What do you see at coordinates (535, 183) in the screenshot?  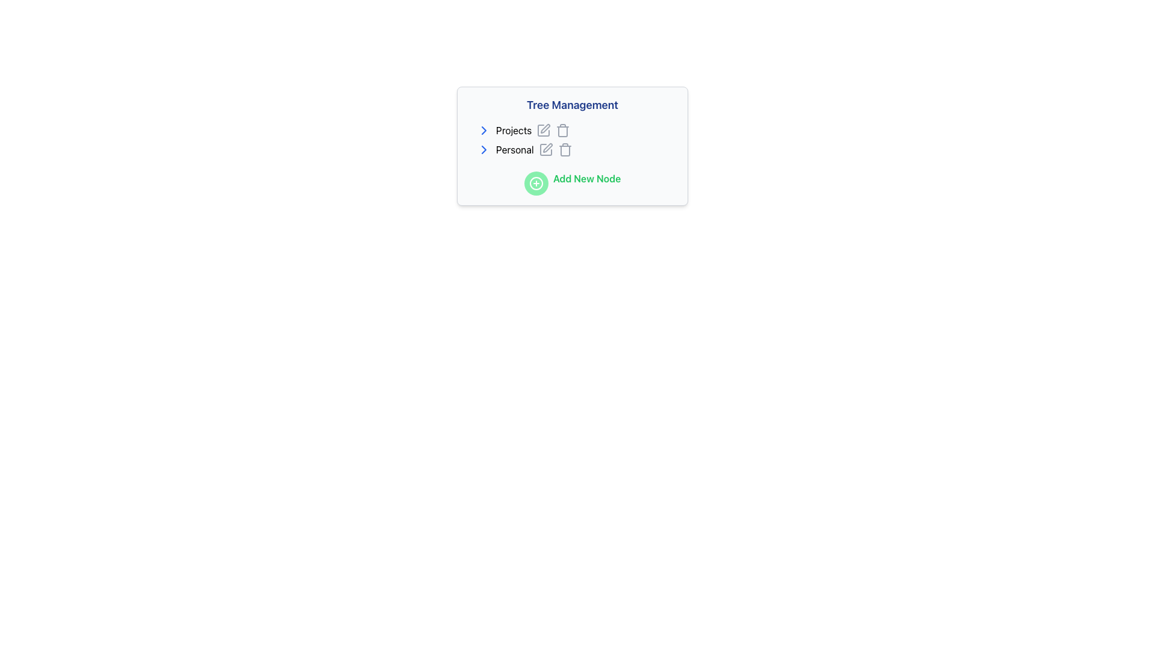 I see `the circular green button with a white plus sign, located below the 'Tree Management' section` at bounding box center [535, 183].